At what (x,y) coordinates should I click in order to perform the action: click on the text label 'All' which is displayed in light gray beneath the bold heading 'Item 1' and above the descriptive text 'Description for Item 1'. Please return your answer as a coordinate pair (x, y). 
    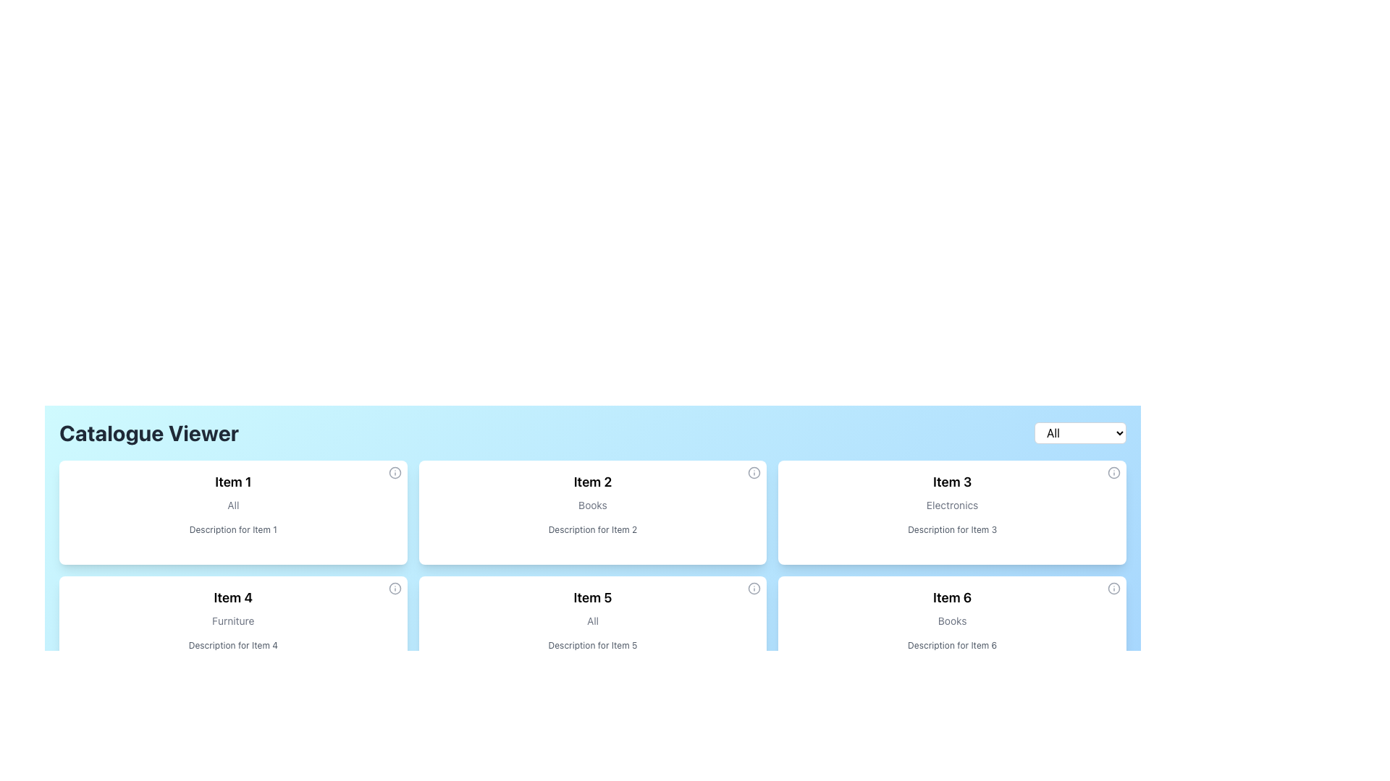
    Looking at the image, I should click on (233, 504).